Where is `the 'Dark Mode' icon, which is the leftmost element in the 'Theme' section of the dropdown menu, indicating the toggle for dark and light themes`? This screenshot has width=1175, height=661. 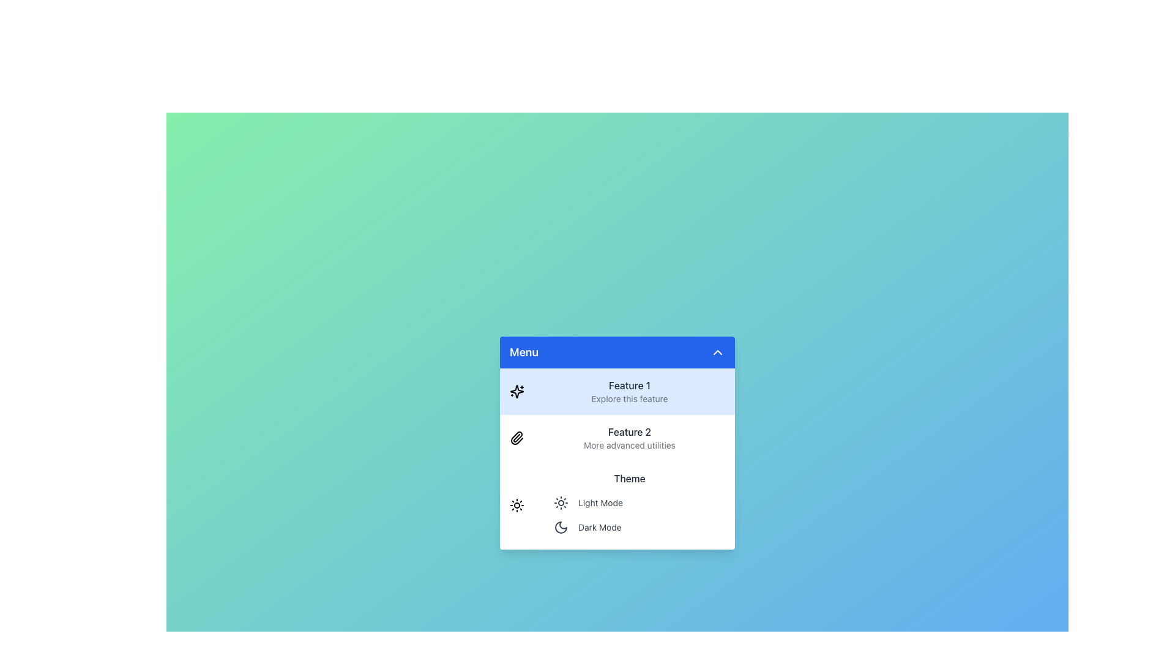
the 'Dark Mode' icon, which is the leftmost element in the 'Theme' section of the dropdown menu, indicating the toggle for dark and light themes is located at coordinates (560, 526).